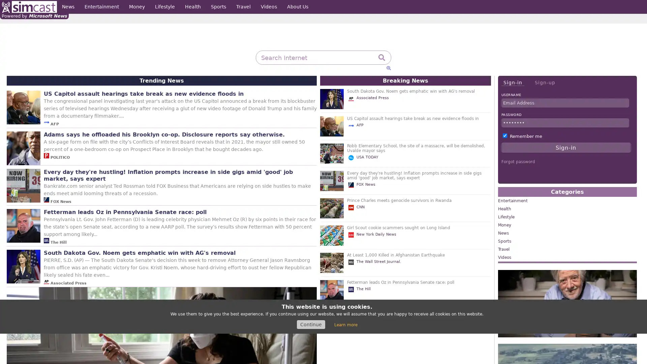 This screenshot has height=364, width=647. I want to click on Sign-up, so click(545, 82).